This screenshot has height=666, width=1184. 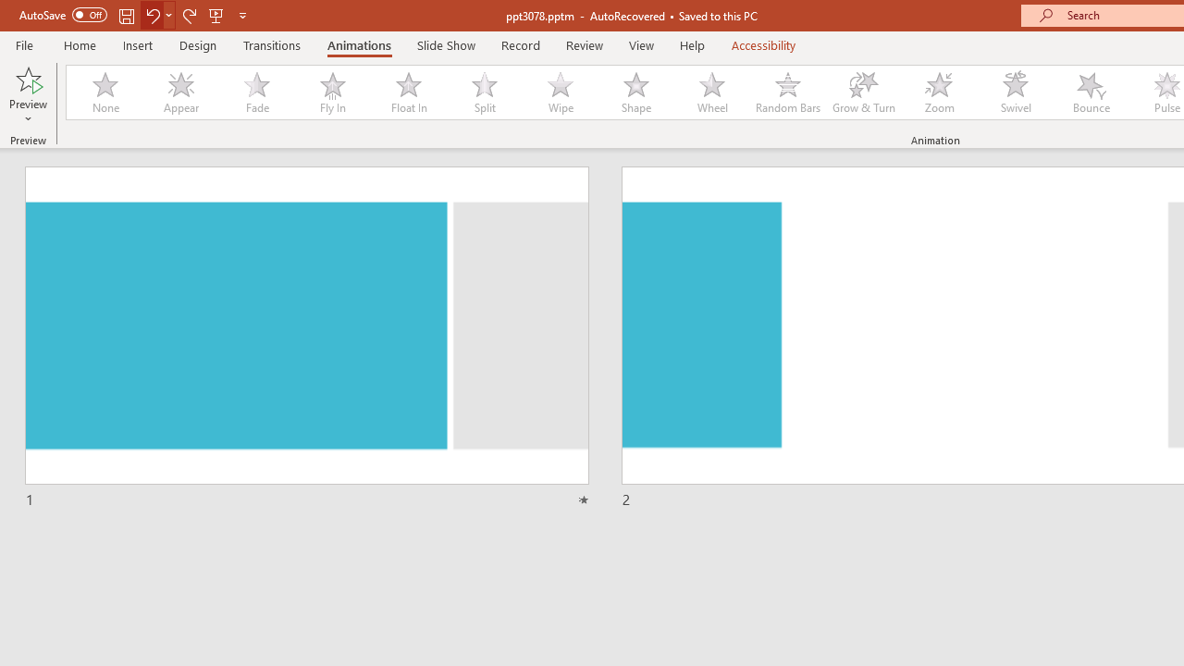 What do you see at coordinates (863, 92) in the screenshot?
I see `'Grow & Turn'` at bounding box center [863, 92].